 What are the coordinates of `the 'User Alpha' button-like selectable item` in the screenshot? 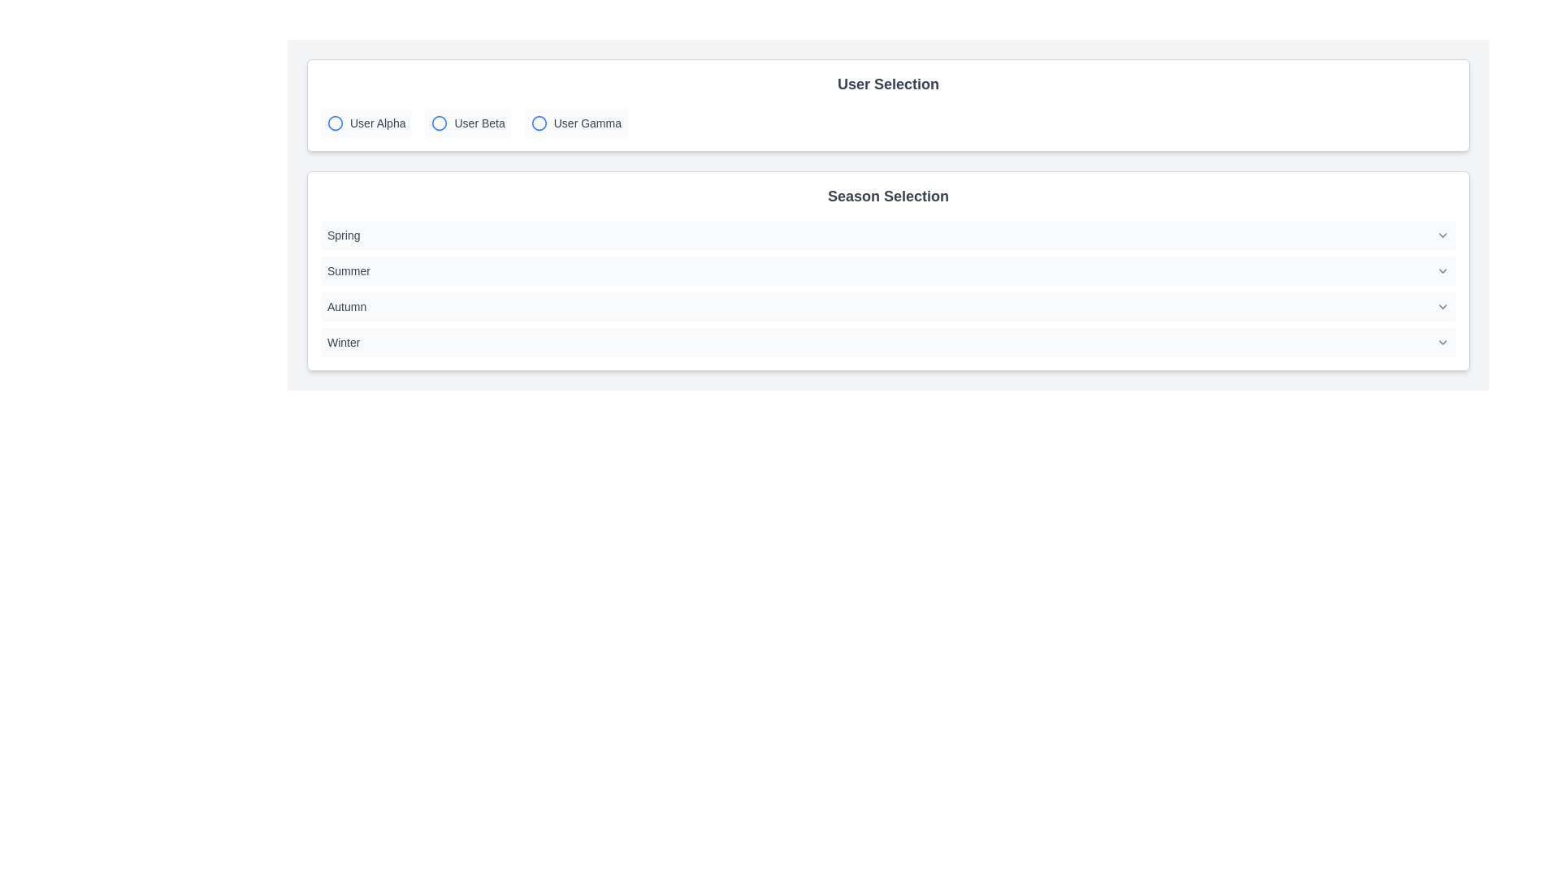 It's located at (366, 122).